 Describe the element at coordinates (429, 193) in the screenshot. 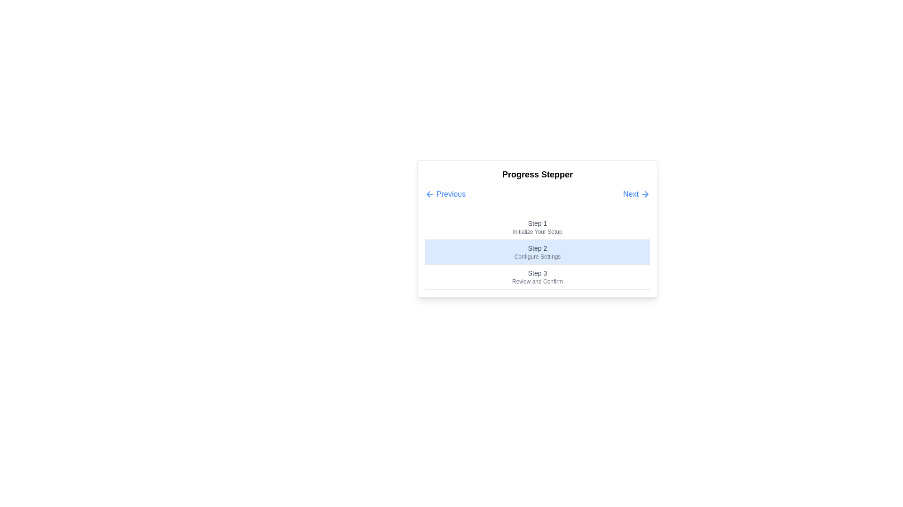

I see `the leftward arrow icon before the text 'Previous' in the navigation control area` at that location.